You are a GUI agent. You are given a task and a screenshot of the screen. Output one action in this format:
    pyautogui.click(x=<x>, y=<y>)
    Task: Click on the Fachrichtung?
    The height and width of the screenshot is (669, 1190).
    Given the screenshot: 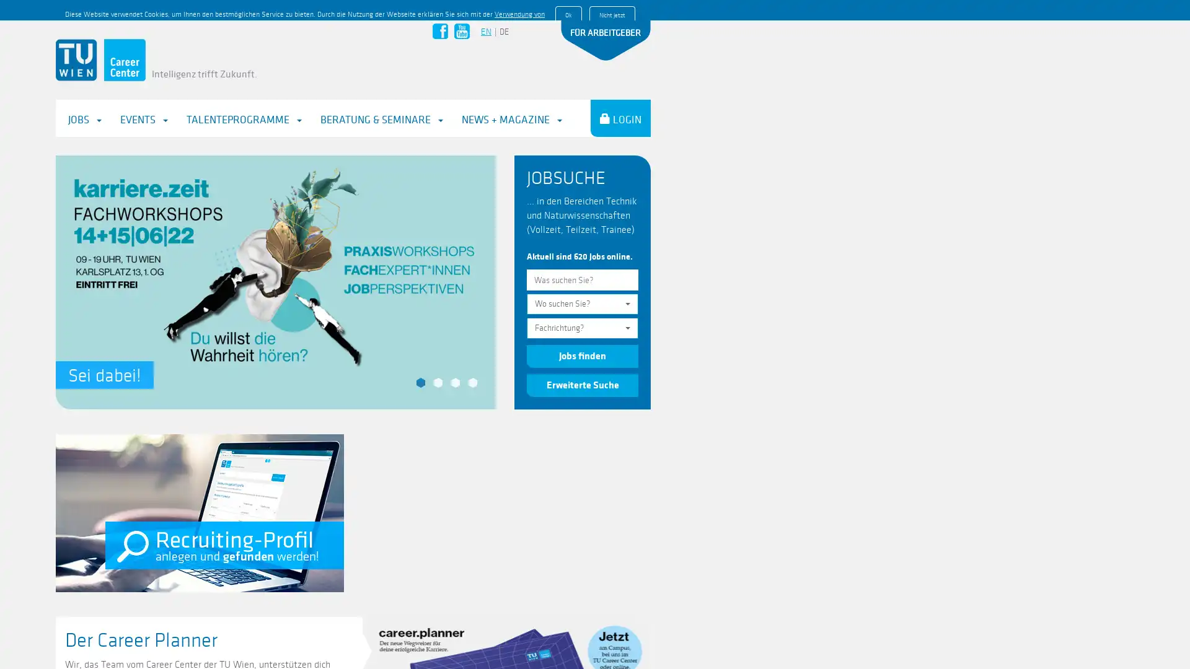 What is the action you would take?
    pyautogui.click(x=582, y=307)
    